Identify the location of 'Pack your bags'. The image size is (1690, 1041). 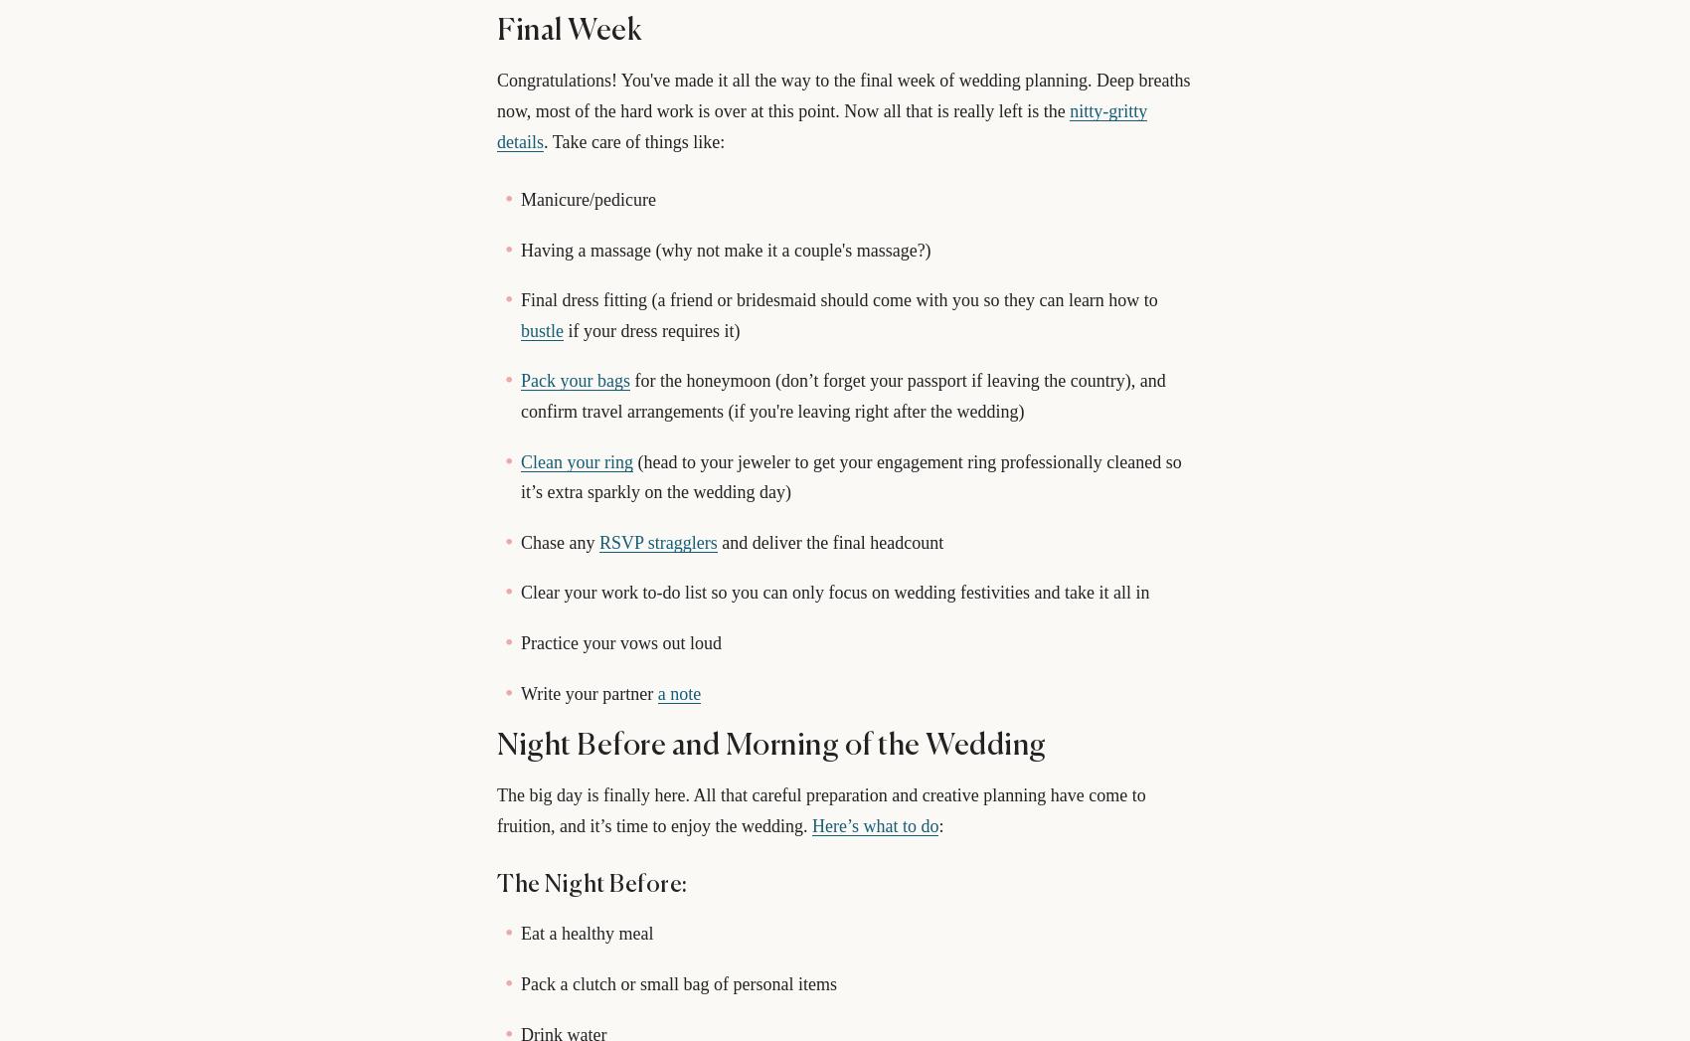
(574, 379).